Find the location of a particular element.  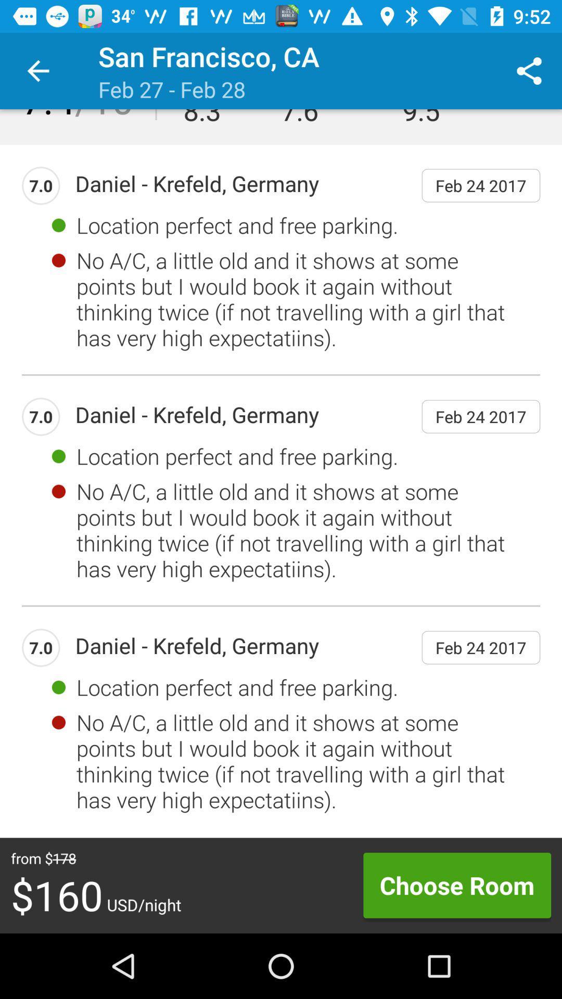

item below no a c icon is located at coordinates (456, 885).